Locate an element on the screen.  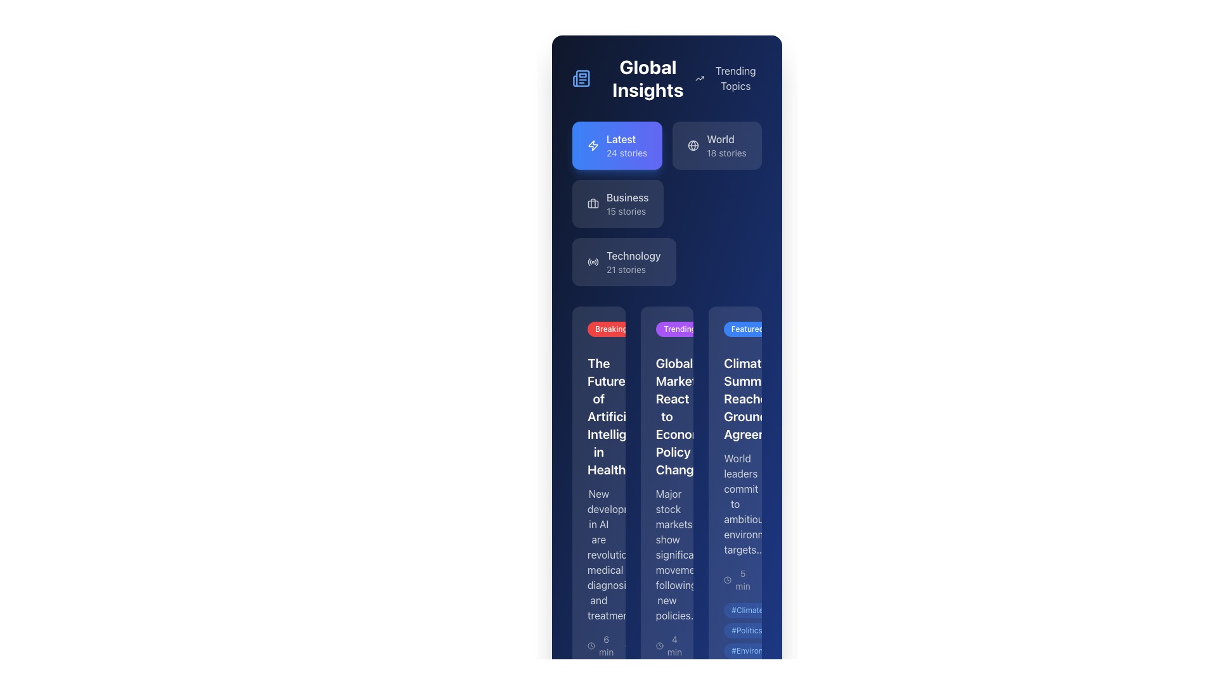
the small upward-trending chart icon located to the left of the 'Trending Topics' text is located at coordinates (699, 78).